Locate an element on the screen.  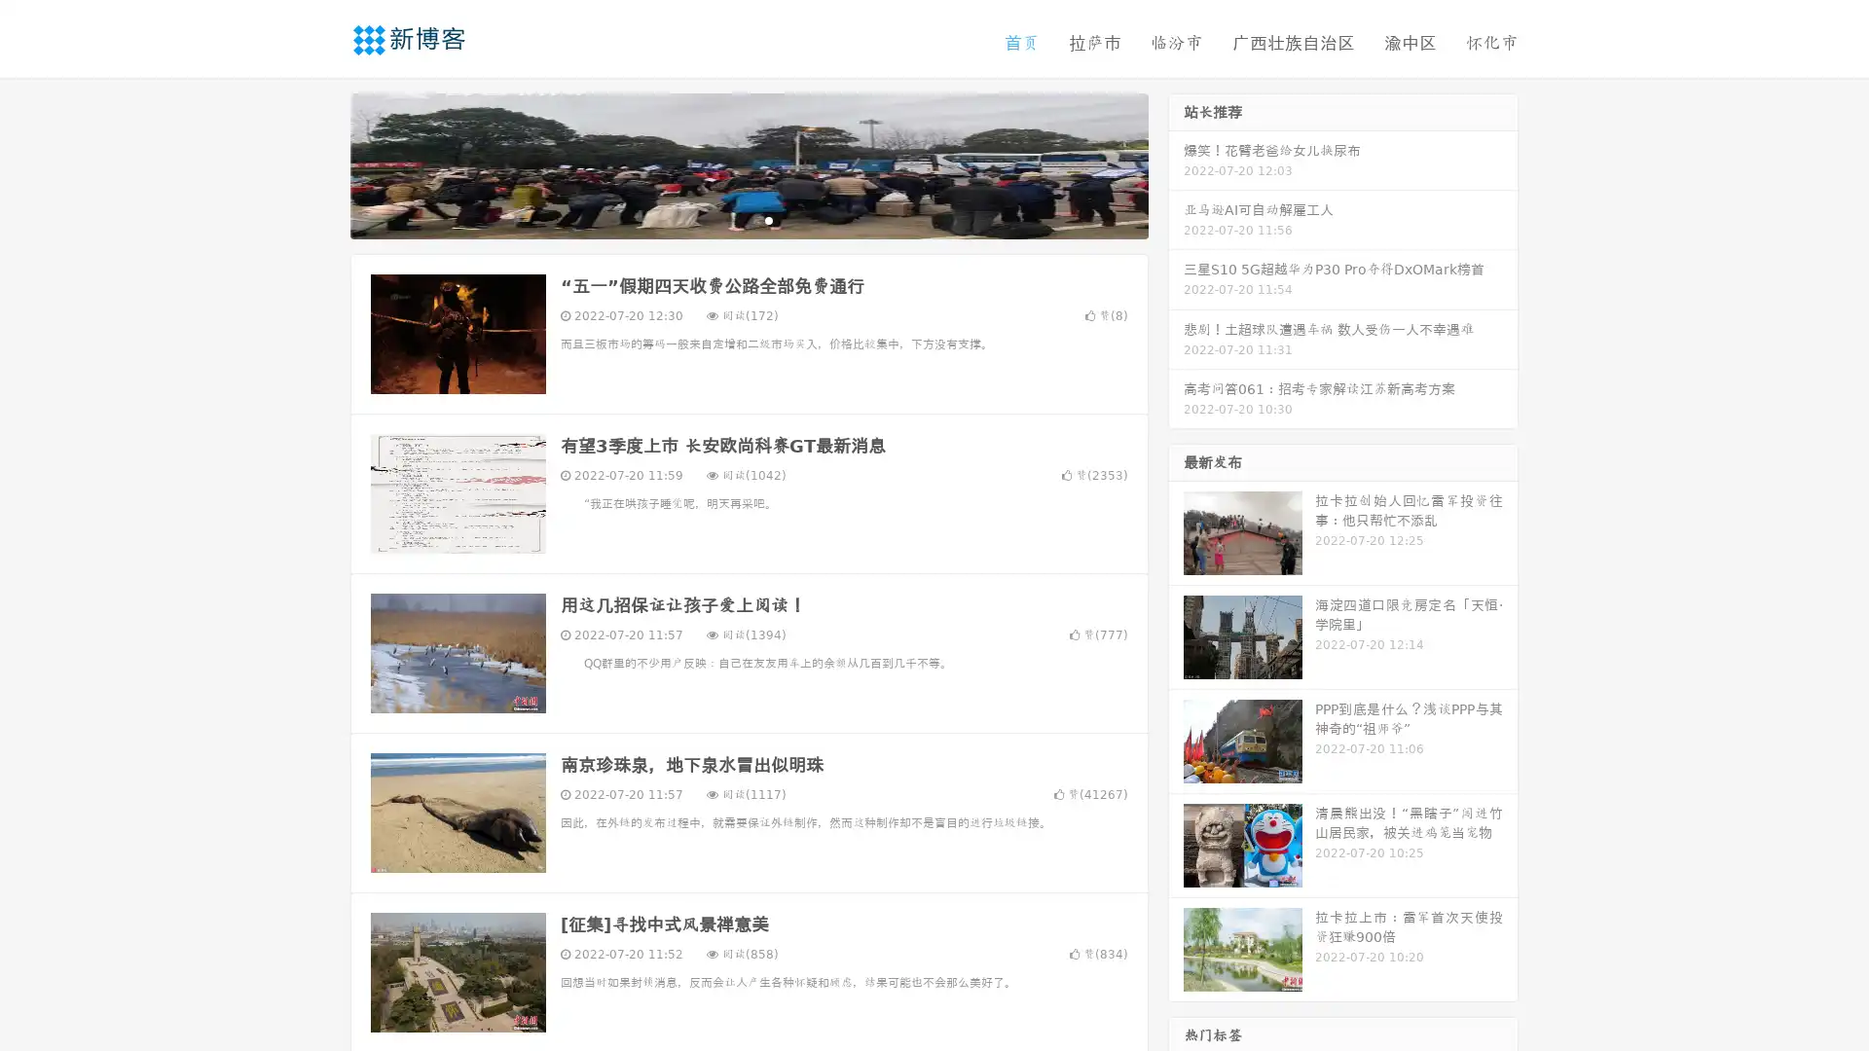
Go to slide 3 is located at coordinates (768, 219).